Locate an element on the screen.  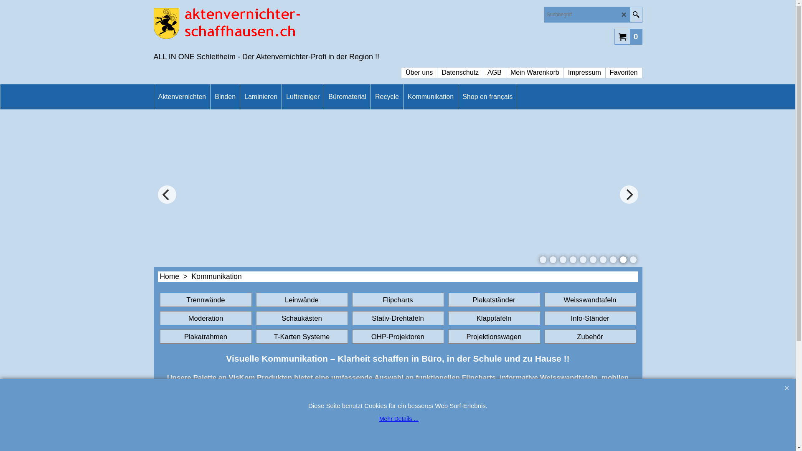
'Plakatrahmen' is located at coordinates (205, 336).